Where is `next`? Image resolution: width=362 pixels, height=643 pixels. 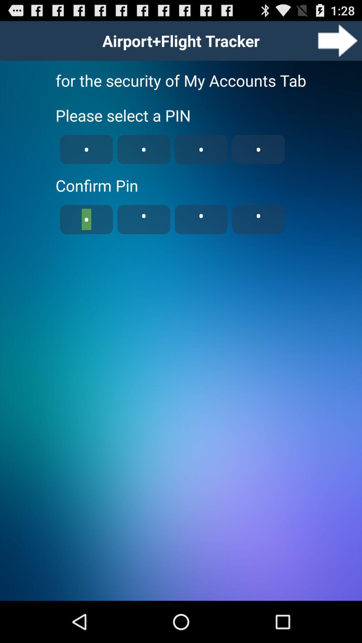
next is located at coordinates (338, 40).